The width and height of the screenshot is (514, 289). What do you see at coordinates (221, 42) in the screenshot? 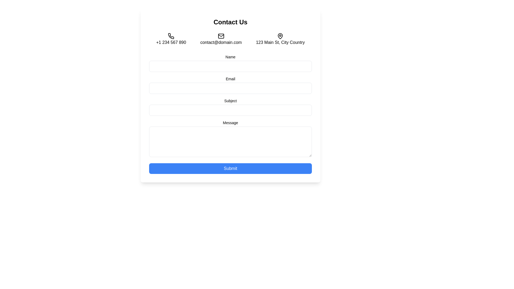
I see `the text display element that shows the email address, located centrally below the 'Contact Us' section, to copy the email` at bounding box center [221, 42].